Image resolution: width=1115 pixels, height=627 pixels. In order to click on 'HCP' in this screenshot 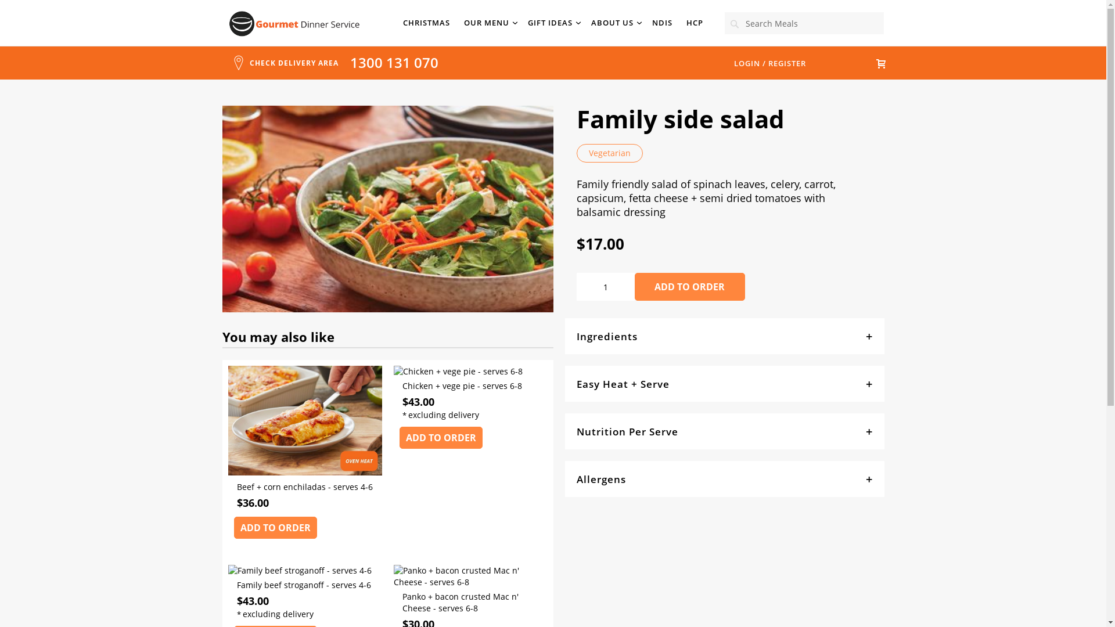, I will do `click(686, 23)`.